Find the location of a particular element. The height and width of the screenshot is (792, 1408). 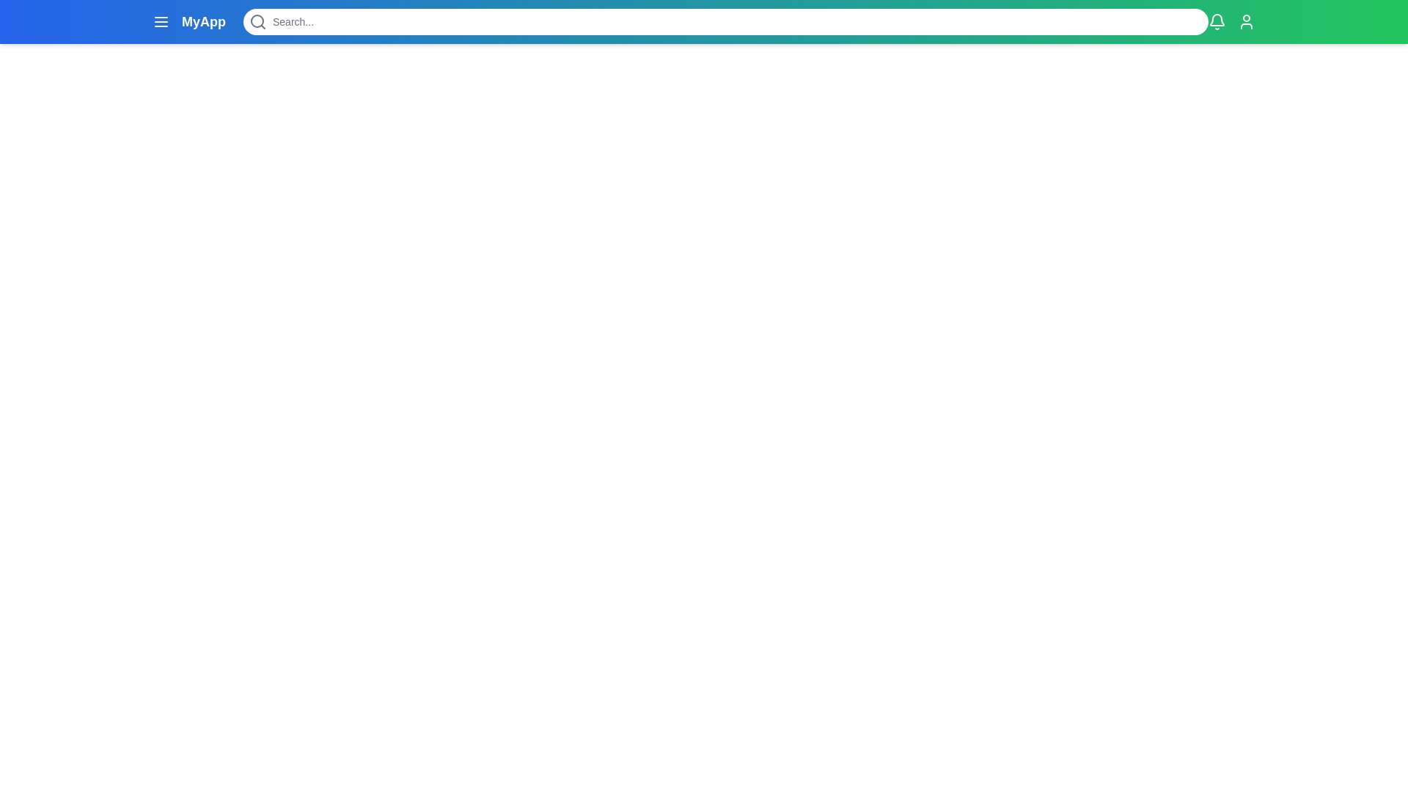

the notification bell icon located at the top right of the interface, which is styled with a neutral outline and represents alerts is located at coordinates (1217, 20).